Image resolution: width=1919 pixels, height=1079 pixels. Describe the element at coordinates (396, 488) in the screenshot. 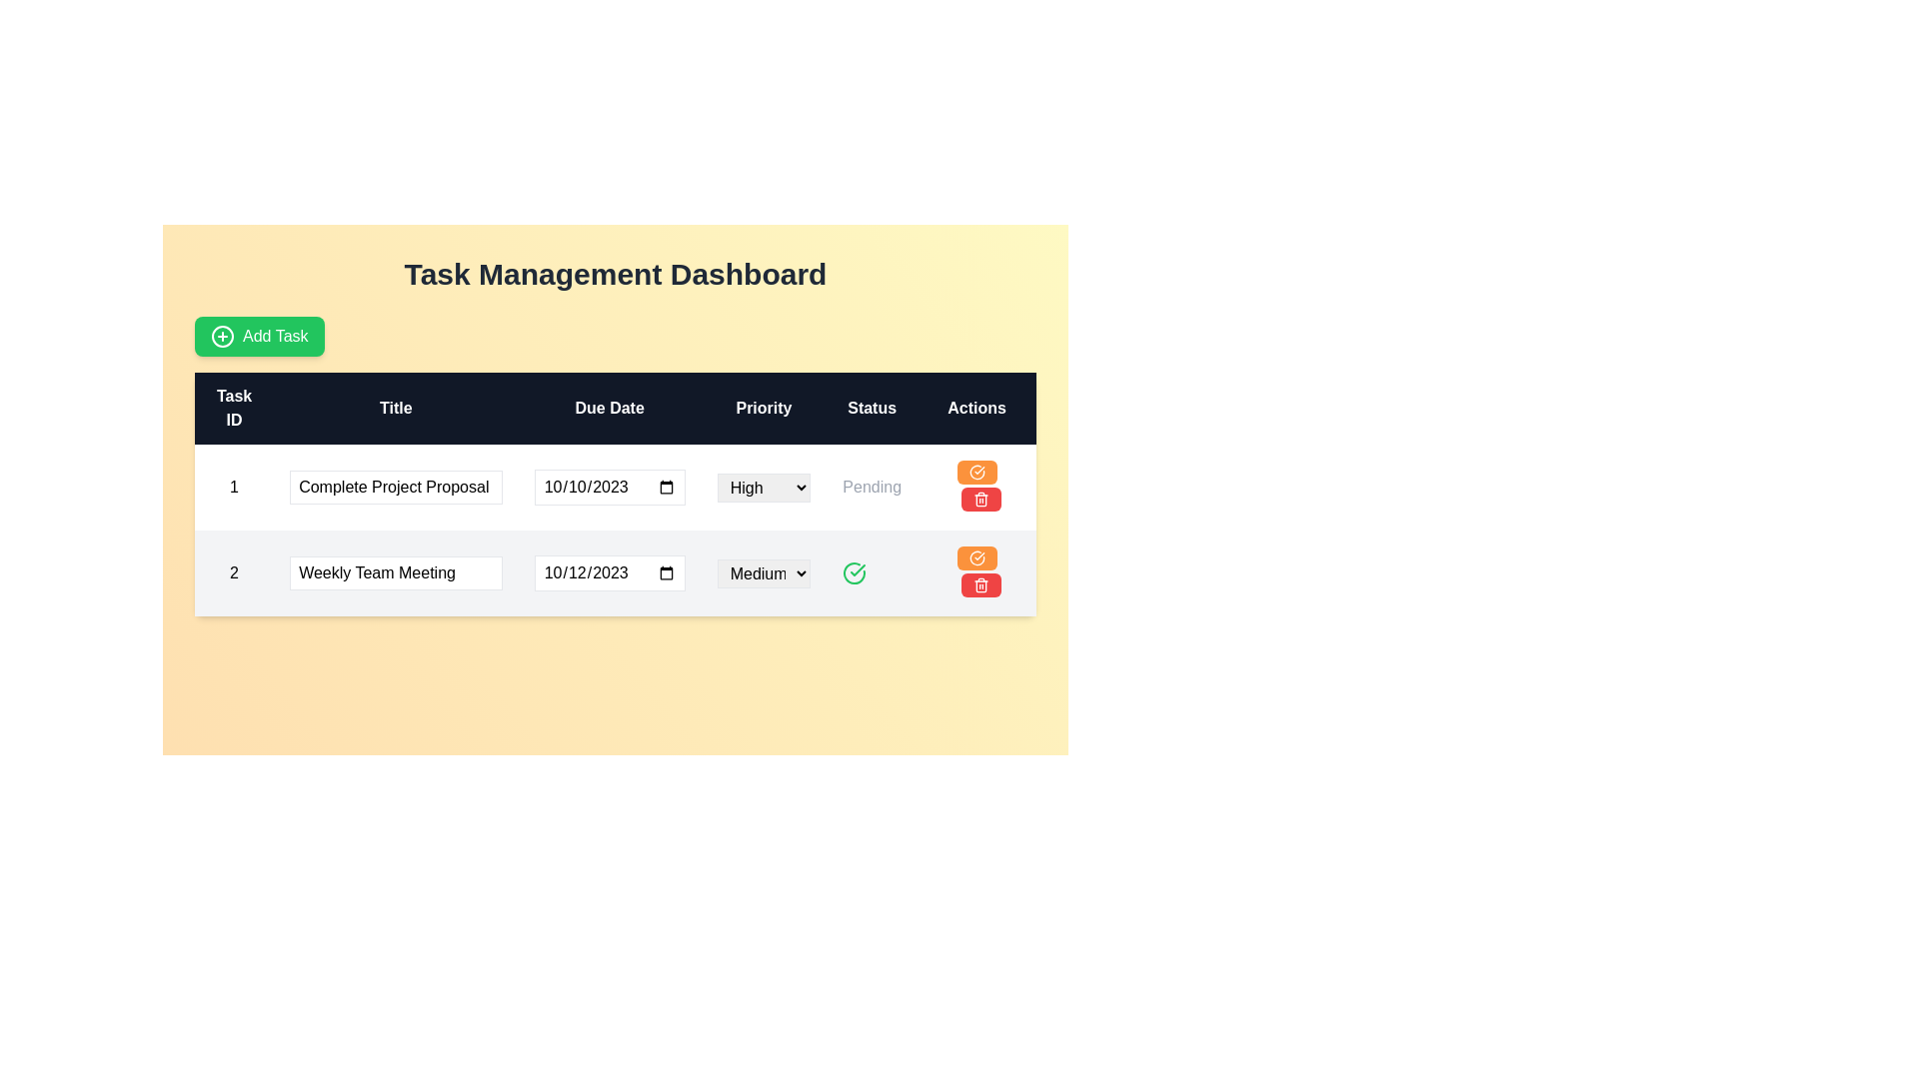

I see `the text input field for the task title, located` at that location.